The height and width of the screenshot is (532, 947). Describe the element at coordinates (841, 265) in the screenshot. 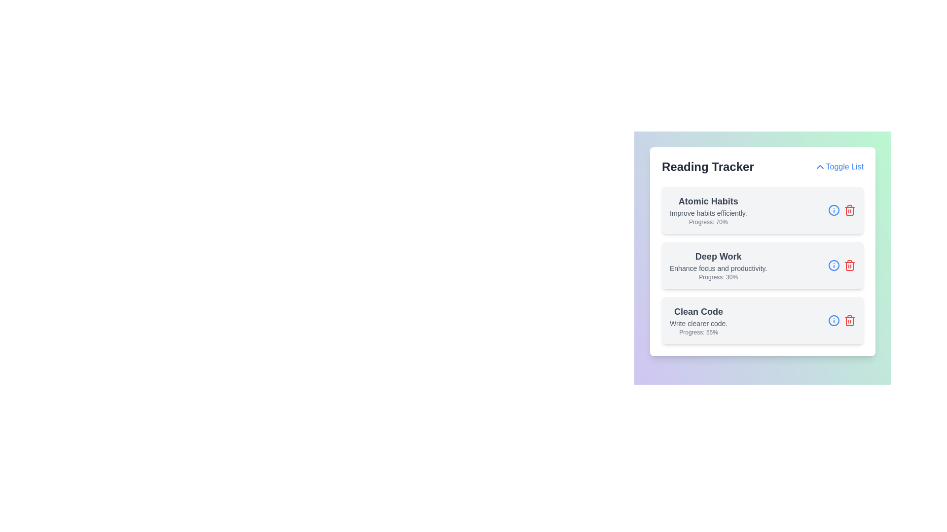

I see `the blue information icon located to the right of the descriptive text about enhancing focus and productivity in the 'Deep Work' card` at that location.